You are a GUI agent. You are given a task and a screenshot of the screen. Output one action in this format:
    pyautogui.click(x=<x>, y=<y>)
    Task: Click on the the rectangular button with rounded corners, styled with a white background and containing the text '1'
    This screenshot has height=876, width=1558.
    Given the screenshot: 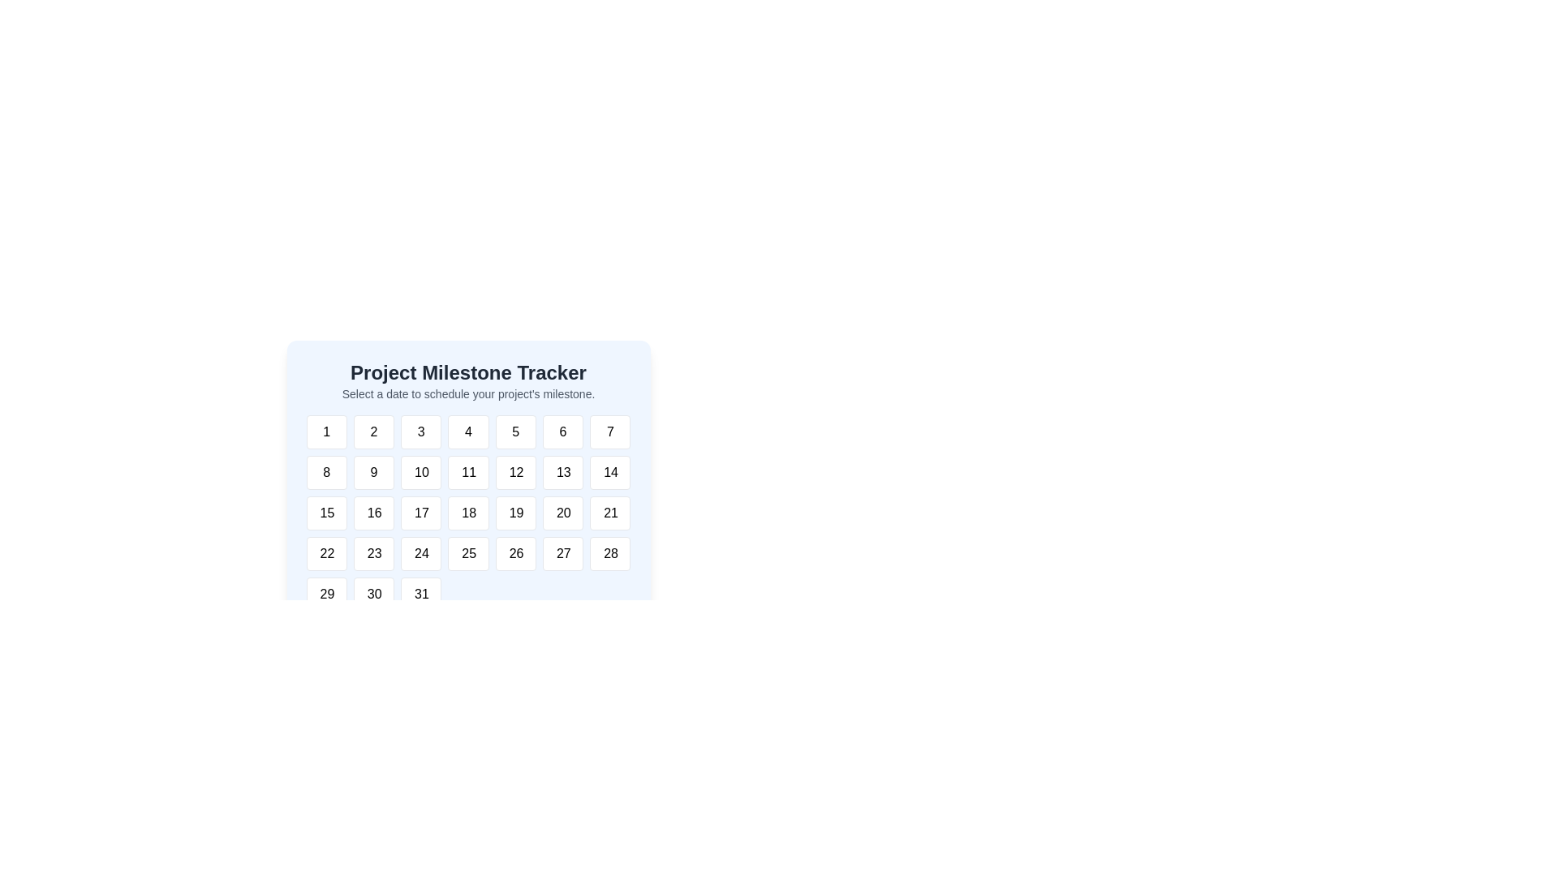 What is the action you would take?
    pyautogui.click(x=325, y=431)
    